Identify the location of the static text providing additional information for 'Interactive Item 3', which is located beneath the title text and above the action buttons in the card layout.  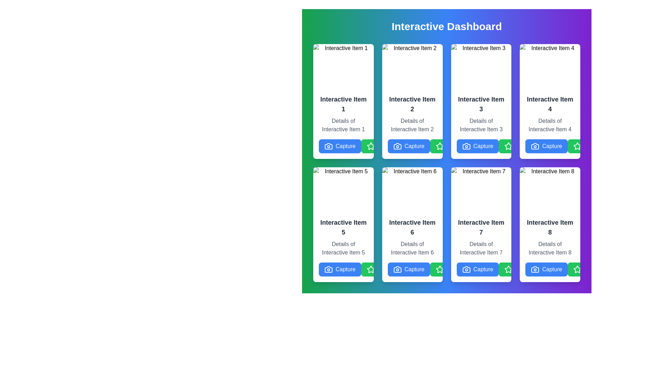
(481, 125).